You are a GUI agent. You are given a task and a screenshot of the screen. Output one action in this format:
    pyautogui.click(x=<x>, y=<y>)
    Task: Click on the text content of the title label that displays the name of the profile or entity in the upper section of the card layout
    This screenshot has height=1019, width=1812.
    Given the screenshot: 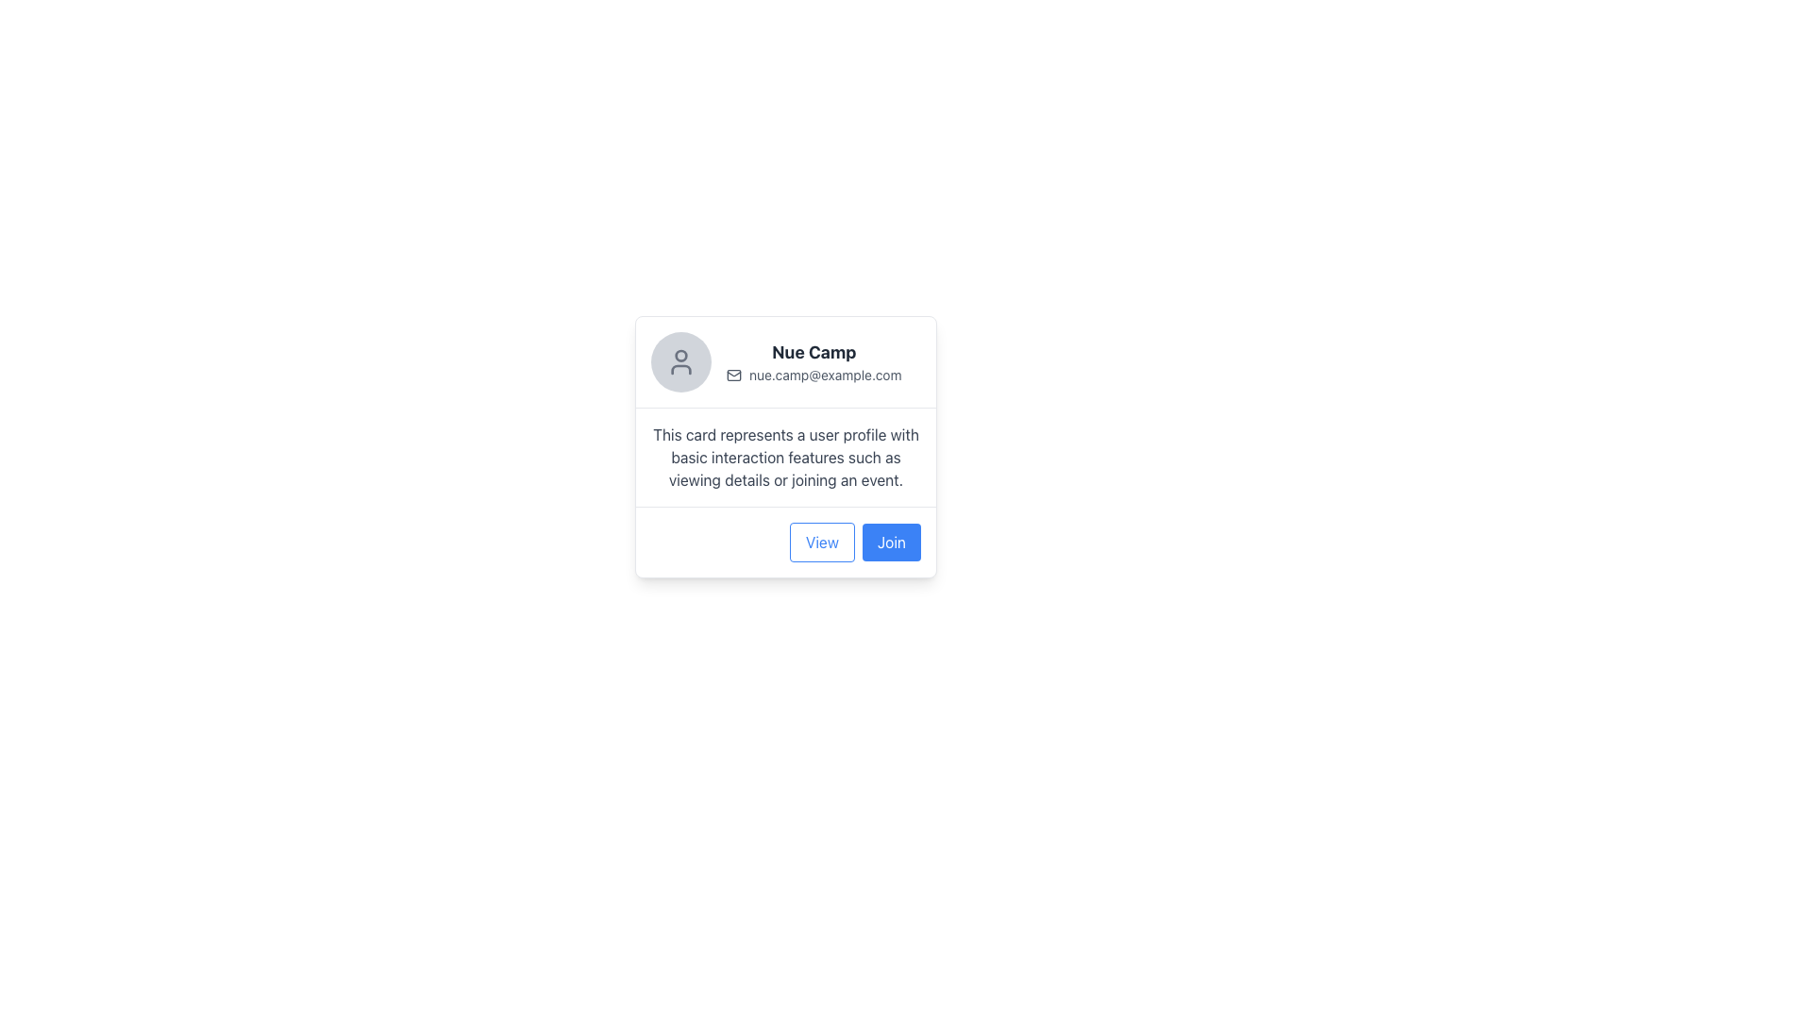 What is the action you would take?
    pyautogui.click(x=814, y=353)
    